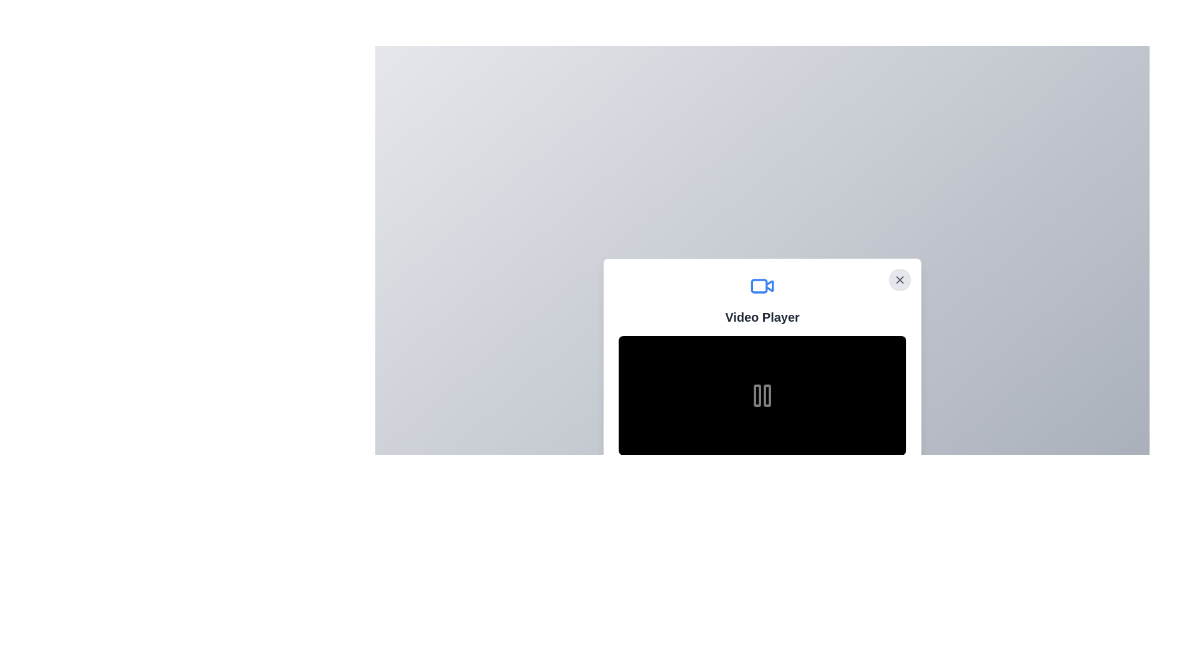 Image resolution: width=1195 pixels, height=672 pixels. I want to click on the visual representation of the left segment of the recording indicator within the video player icon, which is a rectangular shape with rounded corners, so click(758, 286).